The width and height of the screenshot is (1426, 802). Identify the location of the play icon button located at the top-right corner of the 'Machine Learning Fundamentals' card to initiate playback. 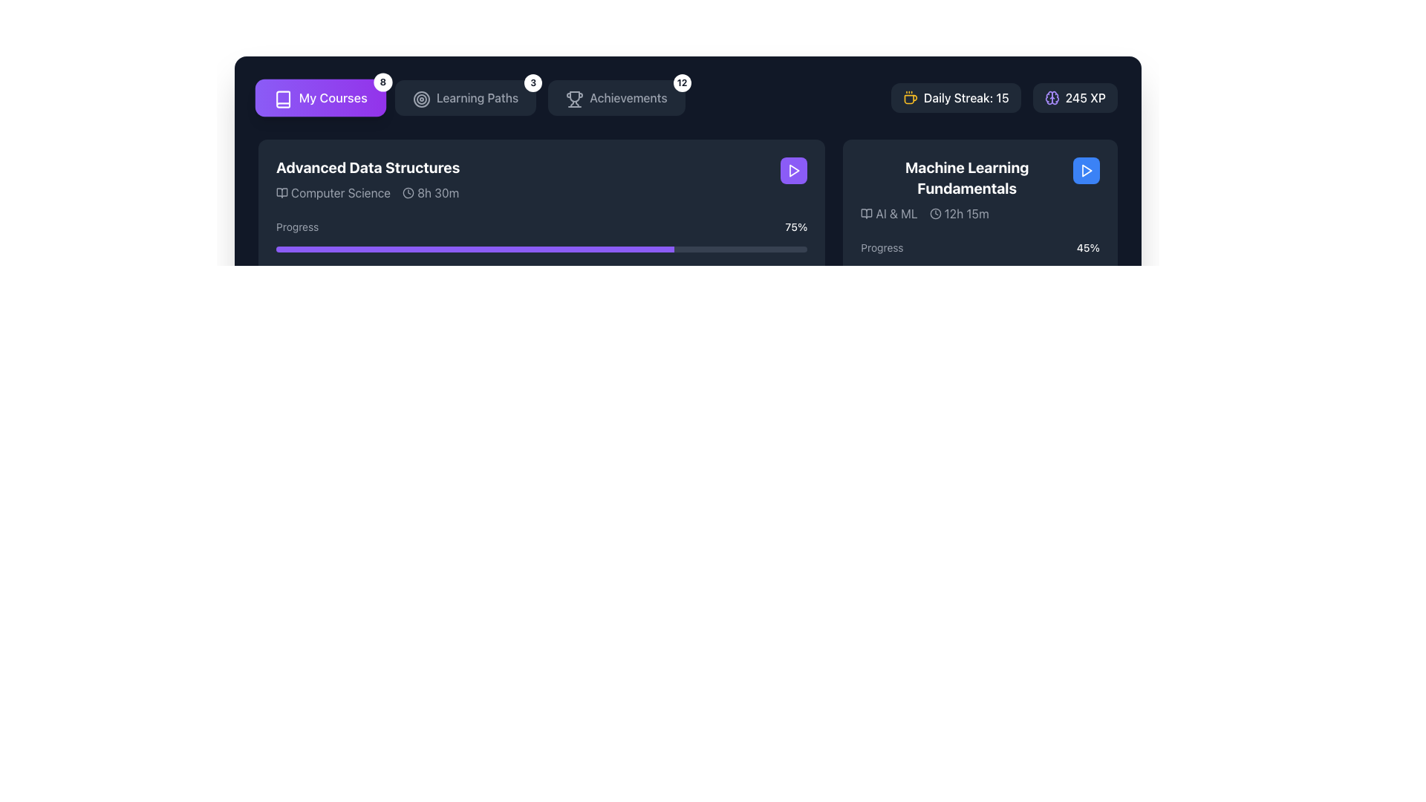
(1087, 170).